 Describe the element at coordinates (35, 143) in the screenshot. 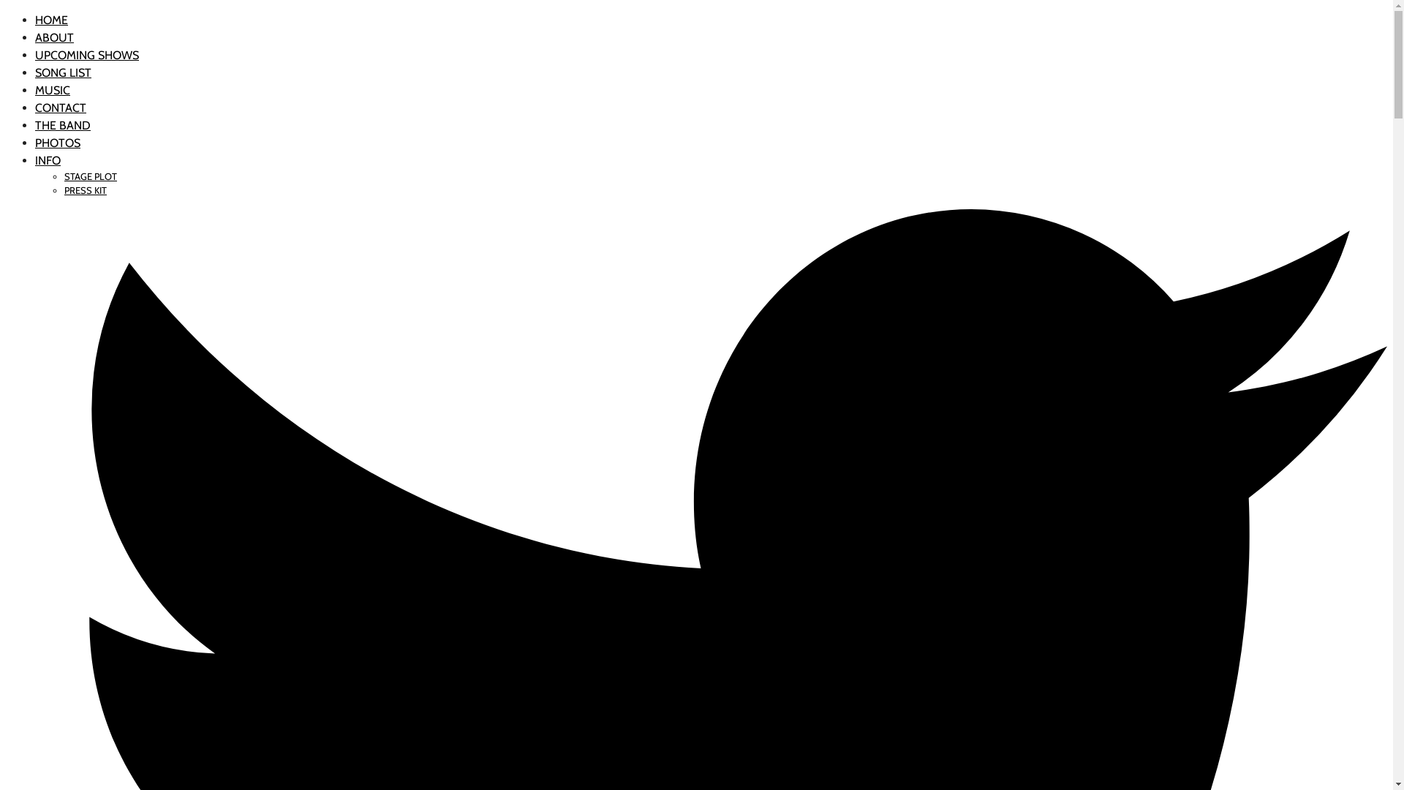

I see `'PHOTOS'` at that location.